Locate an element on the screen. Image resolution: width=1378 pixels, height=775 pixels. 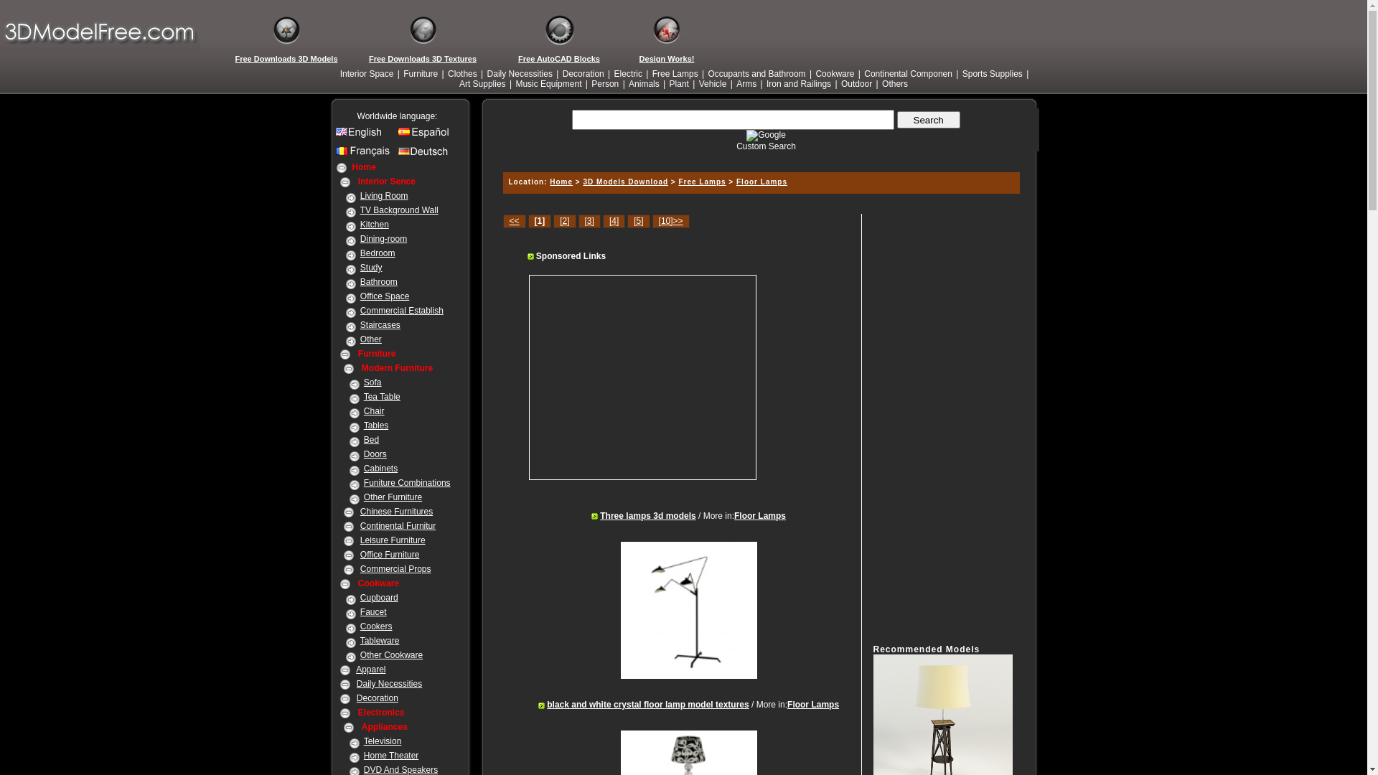
'Living Room' is located at coordinates (360, 196).